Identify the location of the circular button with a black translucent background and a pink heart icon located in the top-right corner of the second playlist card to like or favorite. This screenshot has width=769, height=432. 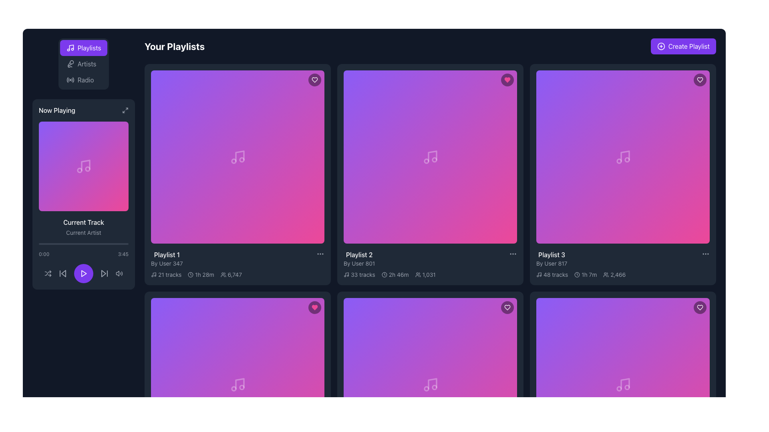
(507, 80).